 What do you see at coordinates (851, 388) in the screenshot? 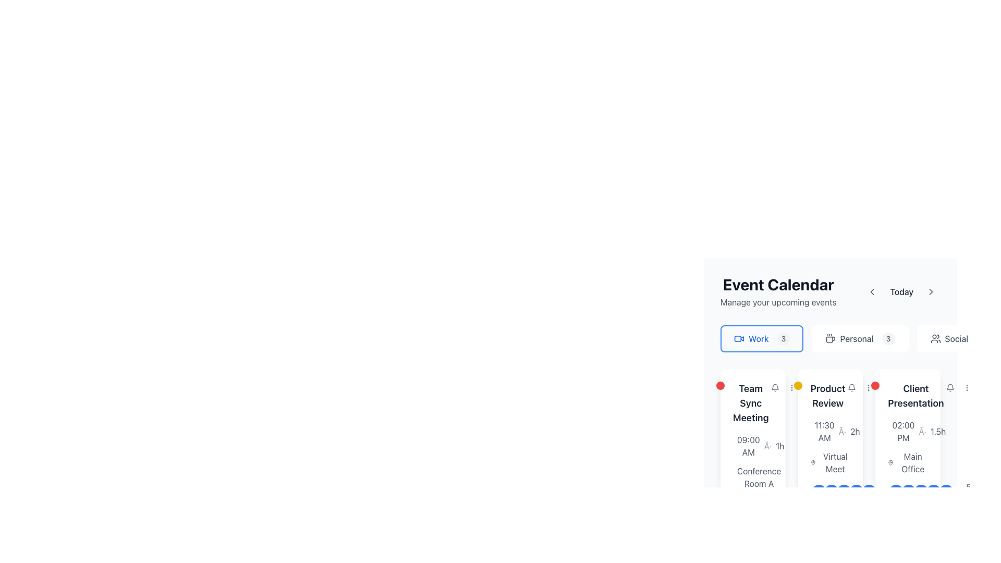
I see `the notification icon located at the top center of the panel` at bounding box center [851, 388].